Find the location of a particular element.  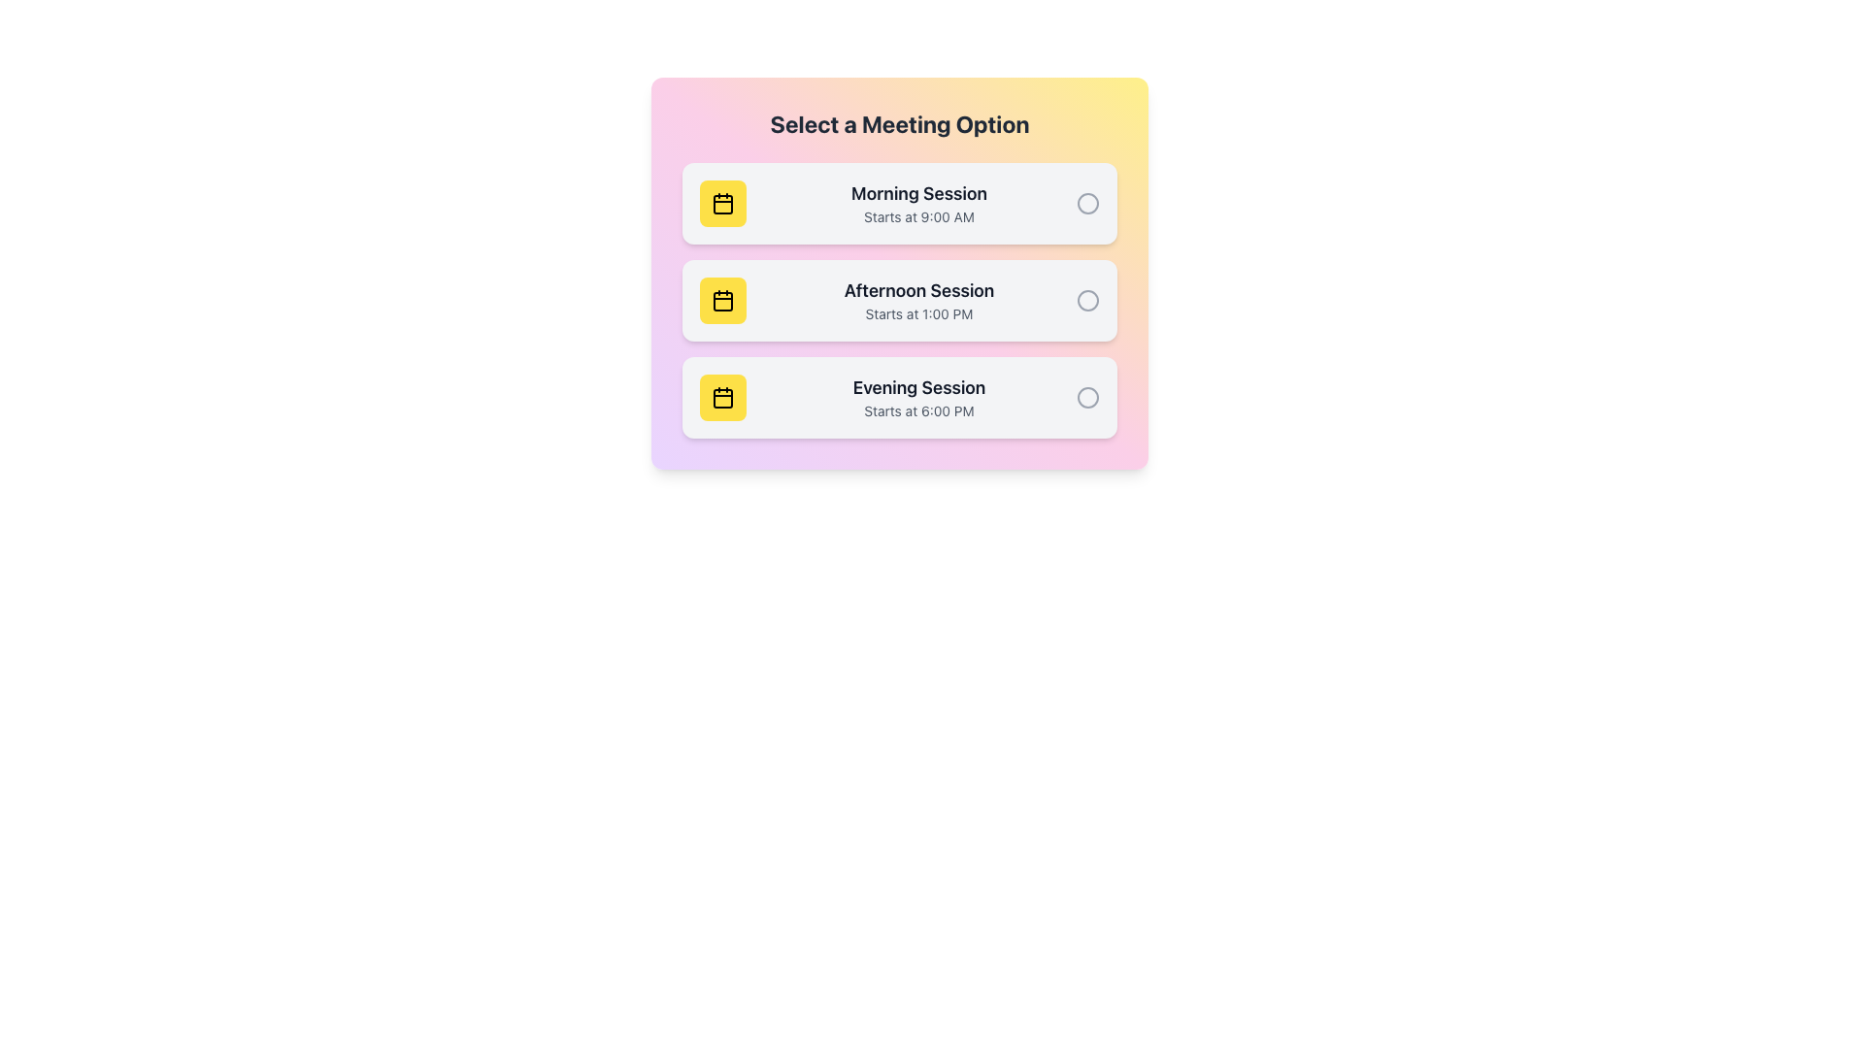

the selection indicator icon associated with the 'Evening Session Starts at 6:00 PM' is located at coordinates (1088, 396).